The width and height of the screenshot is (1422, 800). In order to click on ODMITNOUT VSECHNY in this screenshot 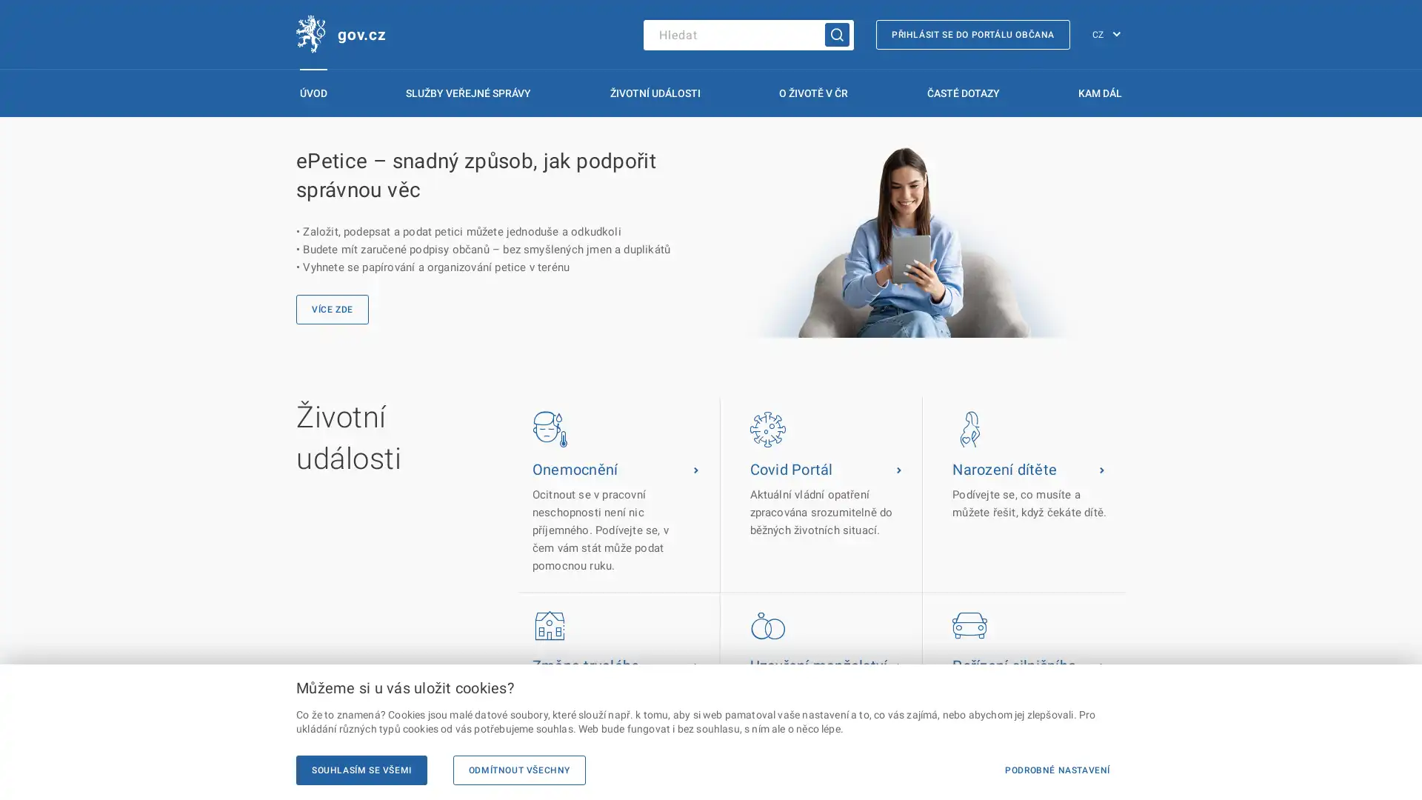, I will do `click(518, 770)`.